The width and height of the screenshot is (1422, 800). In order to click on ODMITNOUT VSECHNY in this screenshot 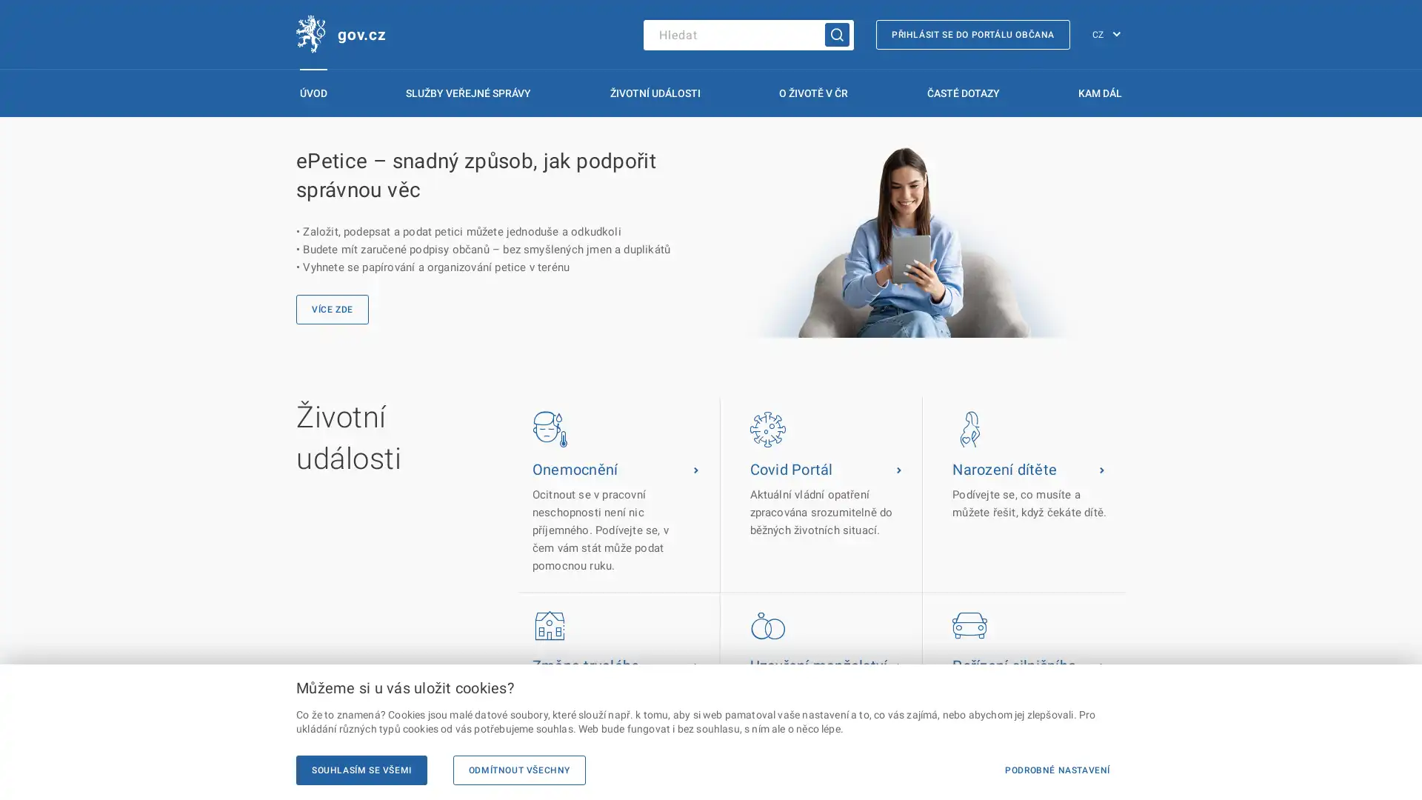, I will do `click(518, 770)`.